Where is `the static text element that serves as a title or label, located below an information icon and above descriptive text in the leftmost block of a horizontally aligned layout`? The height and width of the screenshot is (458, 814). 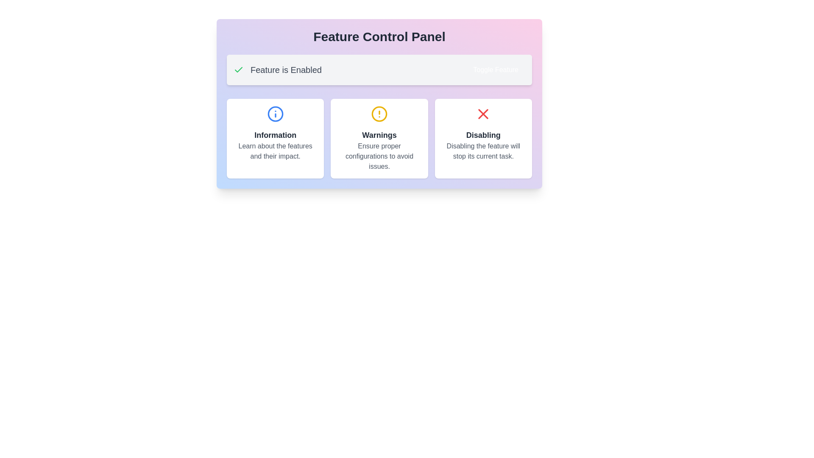 the static text element that serves as a title or label, located below an information icon and above descriptive text in the leftmost block of a horizontally aligned layout is located at coordinates (275, 135).